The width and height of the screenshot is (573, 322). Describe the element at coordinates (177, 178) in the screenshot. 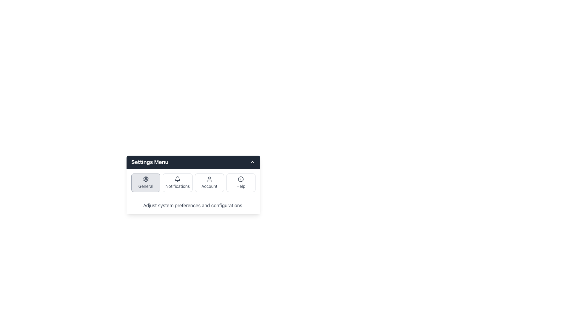

I see `the notification icon located in the Notifications section of the Settings Menu, which is the second icon from the left, directly above the 'Notifications' label` at that location.